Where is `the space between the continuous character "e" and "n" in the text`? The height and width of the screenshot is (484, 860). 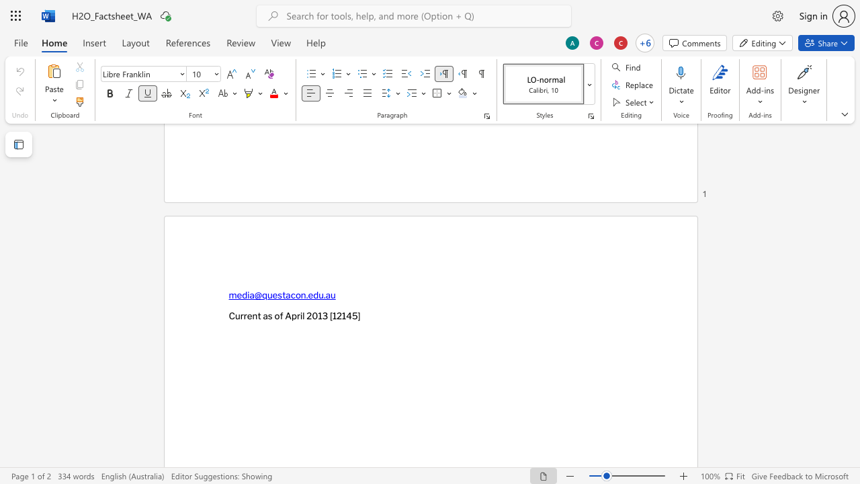
the space between the continuous character "e" and "n" in the text is located at coordinates (252, 315).